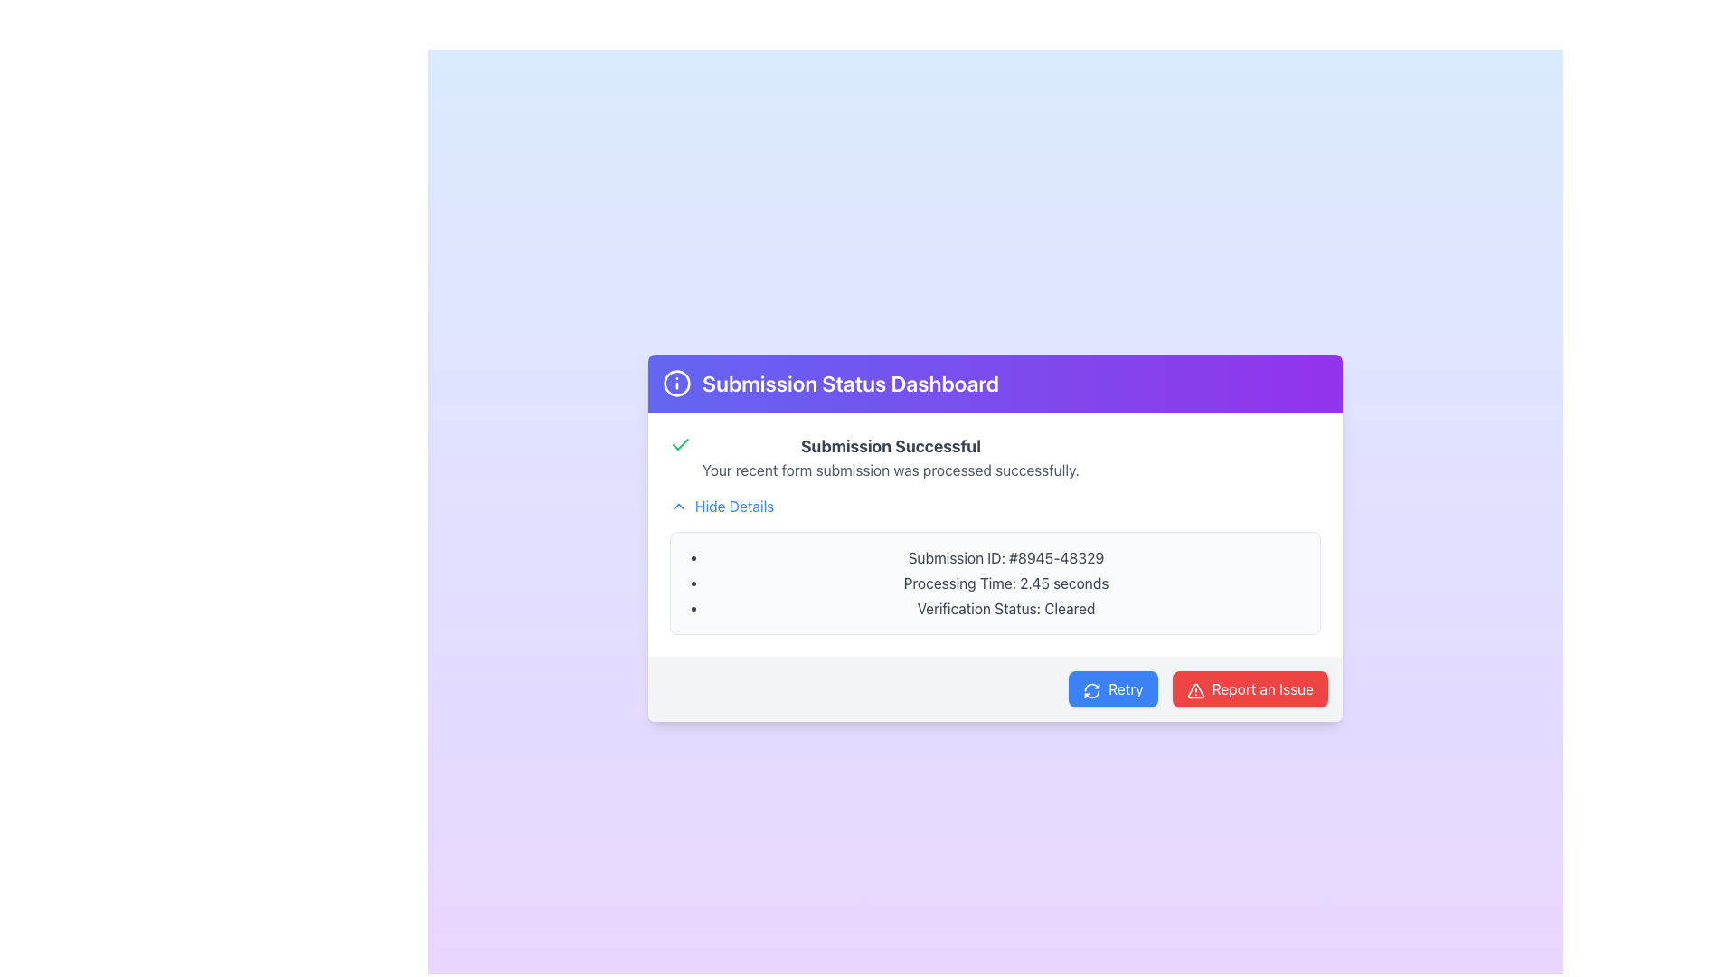  I want to click on the red triangular warning icon with a rounded border located in the upper-right section of the interface, near the heading 'Submission Status Dashboard', so click(1195, 690).